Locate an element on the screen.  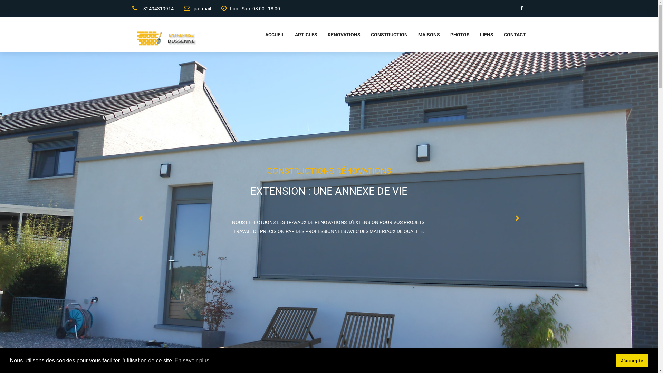
'MAISONS' is located at coordinates (423, 35).